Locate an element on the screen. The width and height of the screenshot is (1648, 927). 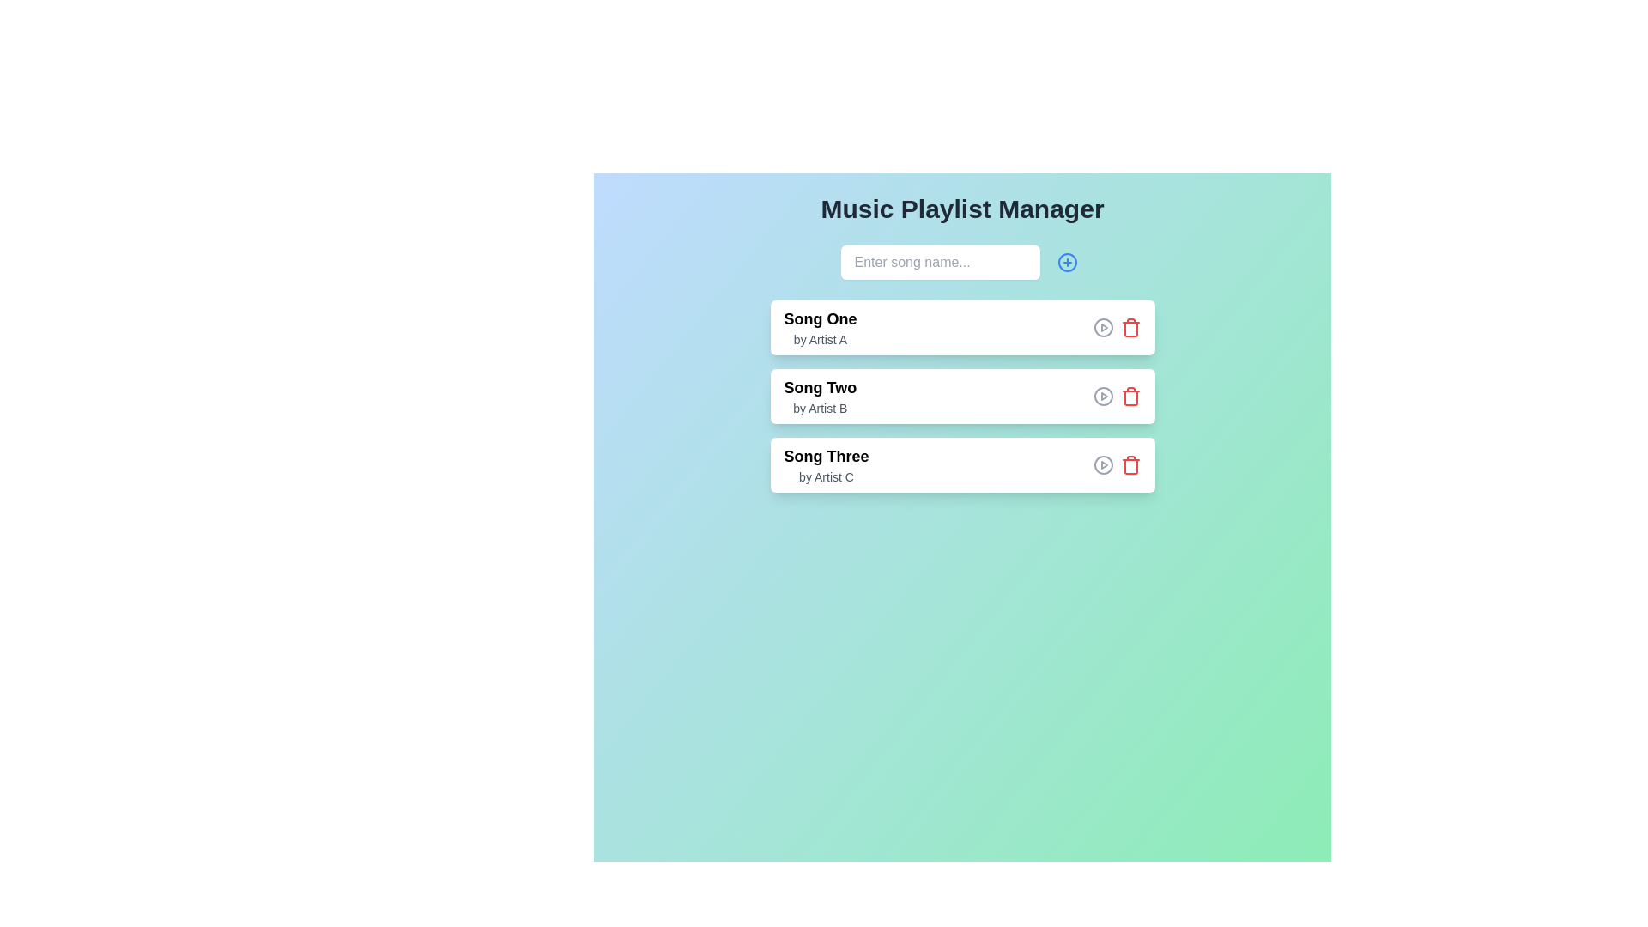
on the text label displaying 'Song Three by Artist C', which is the third entry in the song list is located at coordinates (827, 465).